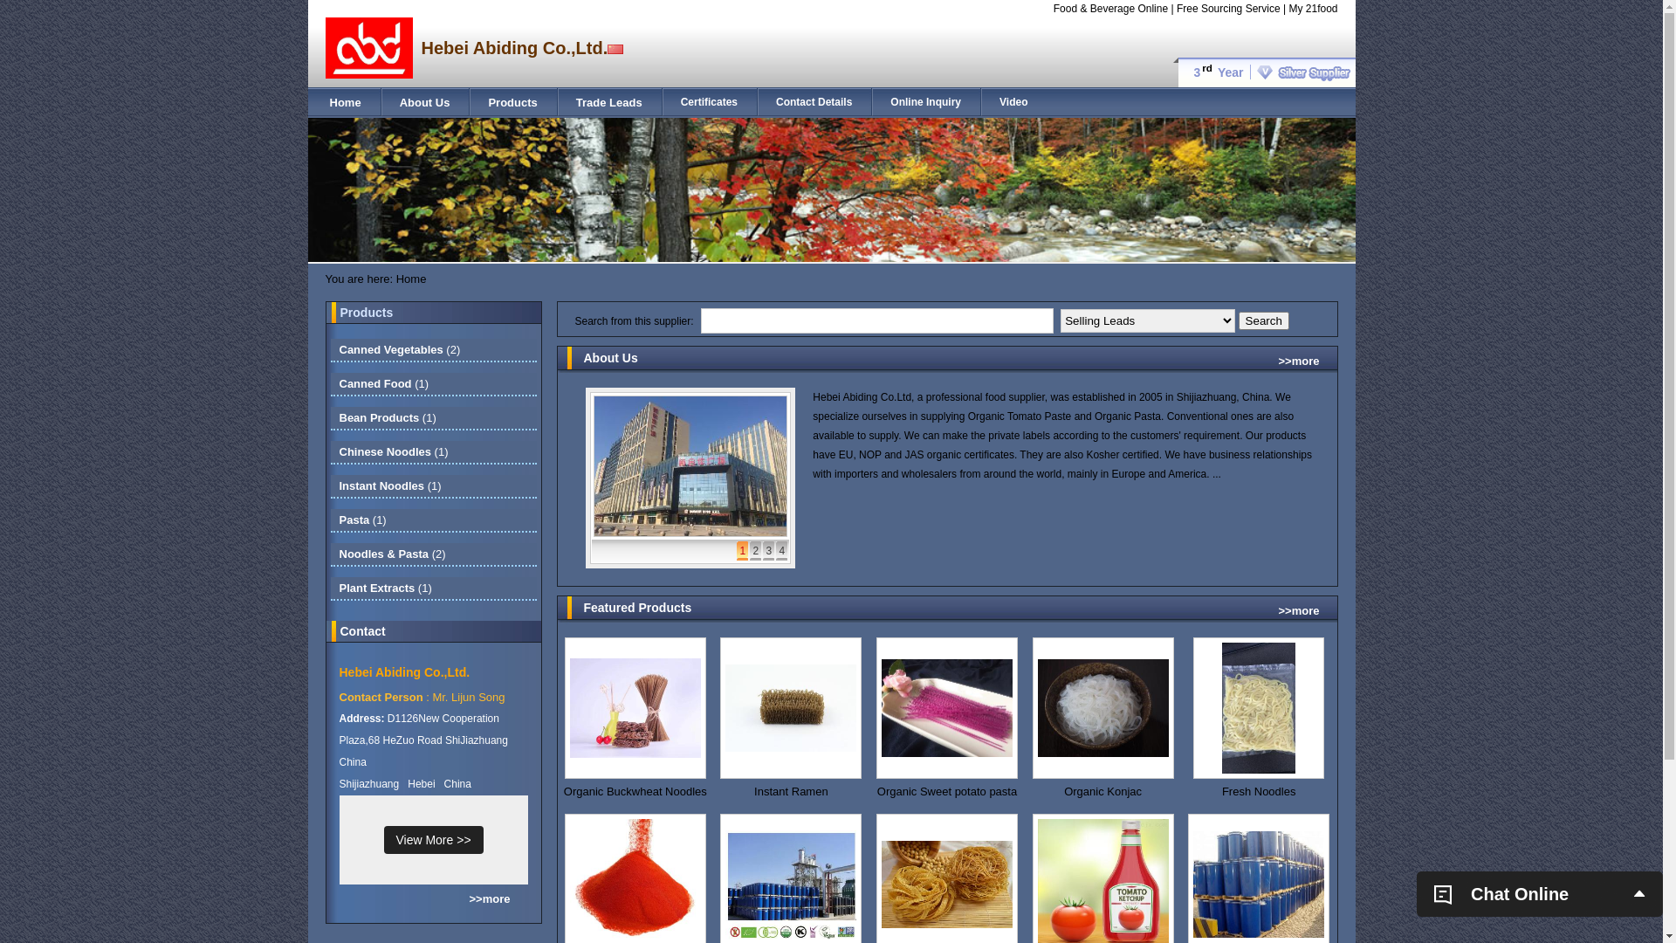  What do you see at coordinates (339, 671) in the screenshot?
I see `'Hebei Abiding Co.,Ltd.'` at bounding box center [339, 671].